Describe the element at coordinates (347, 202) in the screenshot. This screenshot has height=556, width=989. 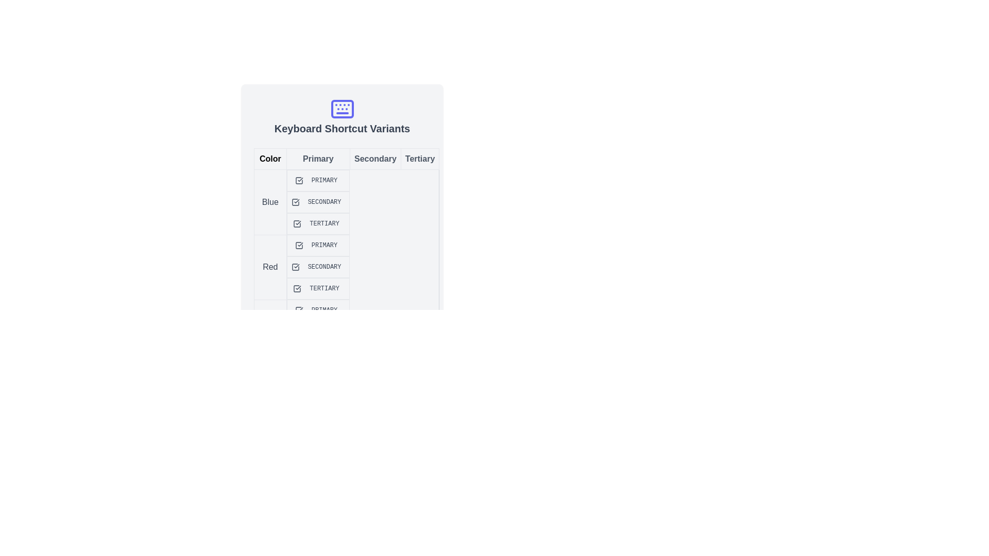
I see `the secondary action button located in the 'Blue' category, which is the second entry in the 'Blue' row under the 'Secondary' column` at that location.